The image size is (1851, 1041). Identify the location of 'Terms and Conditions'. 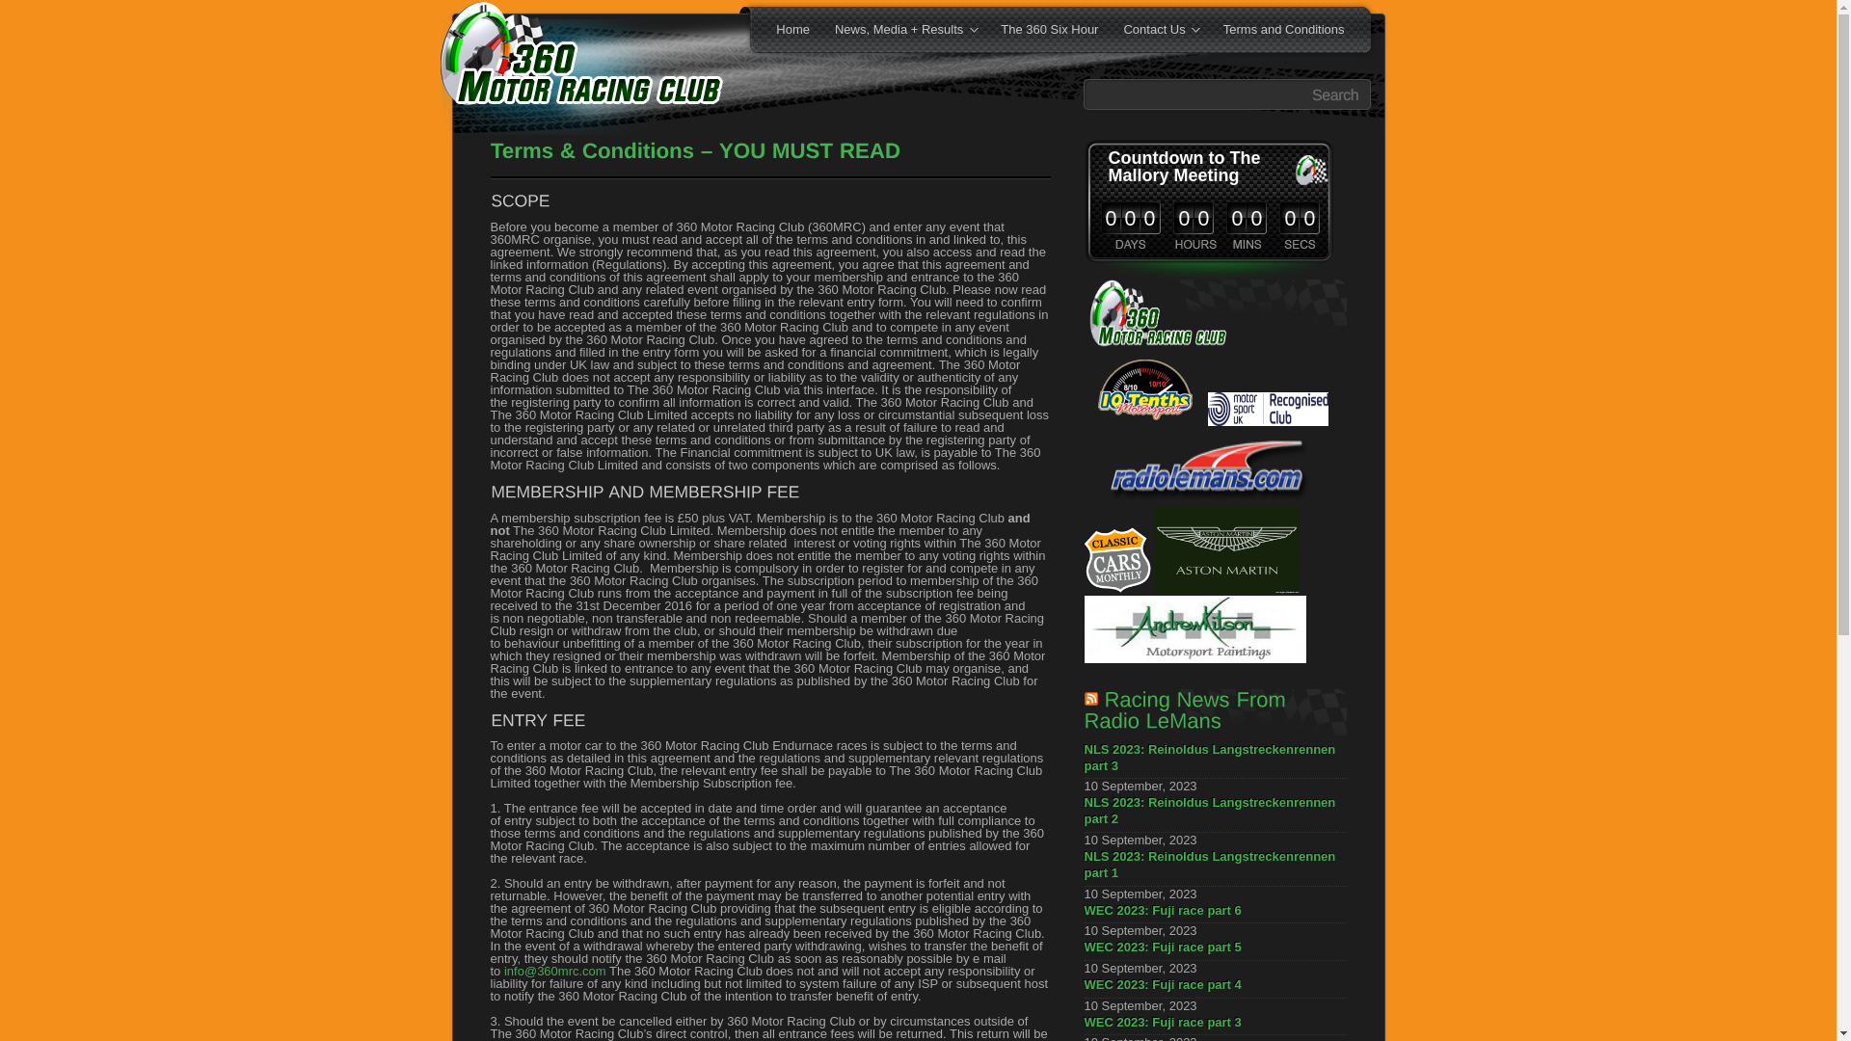
(1210, 29).